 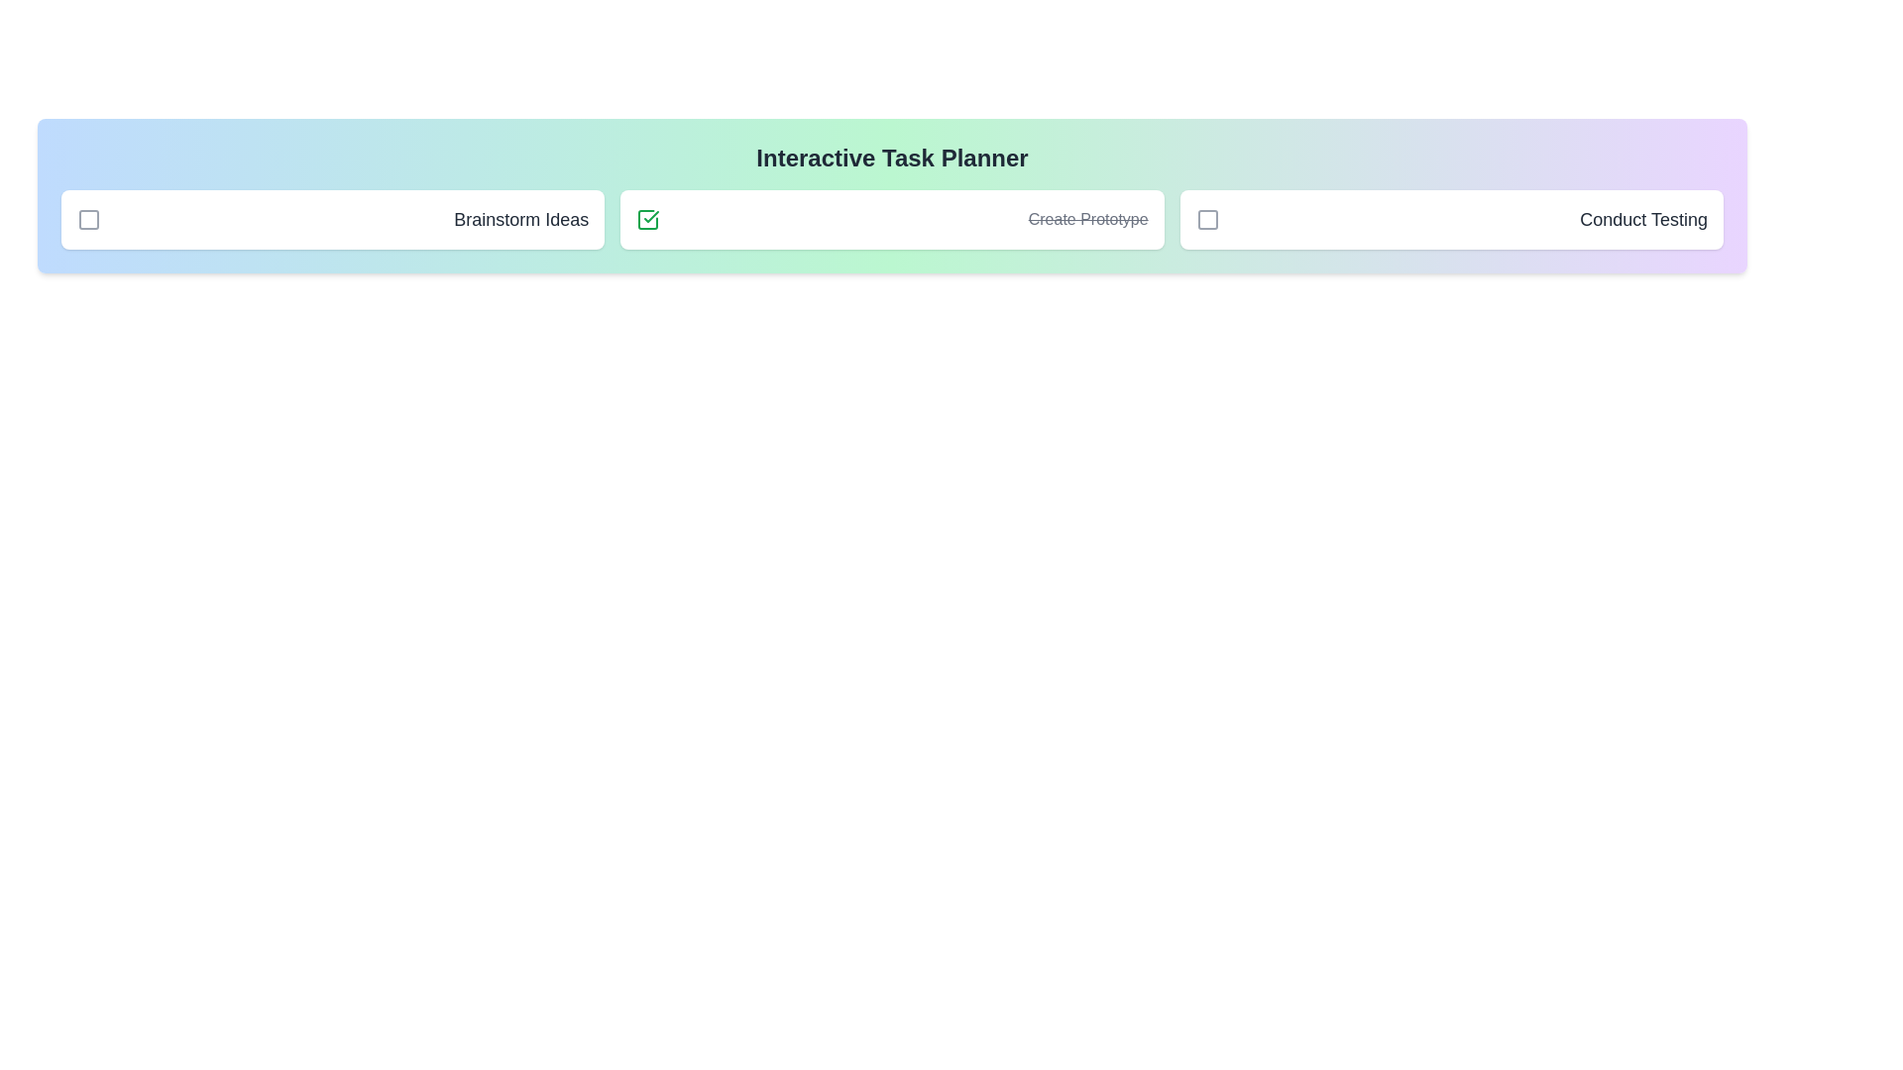 What do you see at coordinates (88, 220) in the screenshot?
I see `the checkbox corresponding to the task Brainstorm Ideas to toggle its completion state` at bounding box center [88, 220].